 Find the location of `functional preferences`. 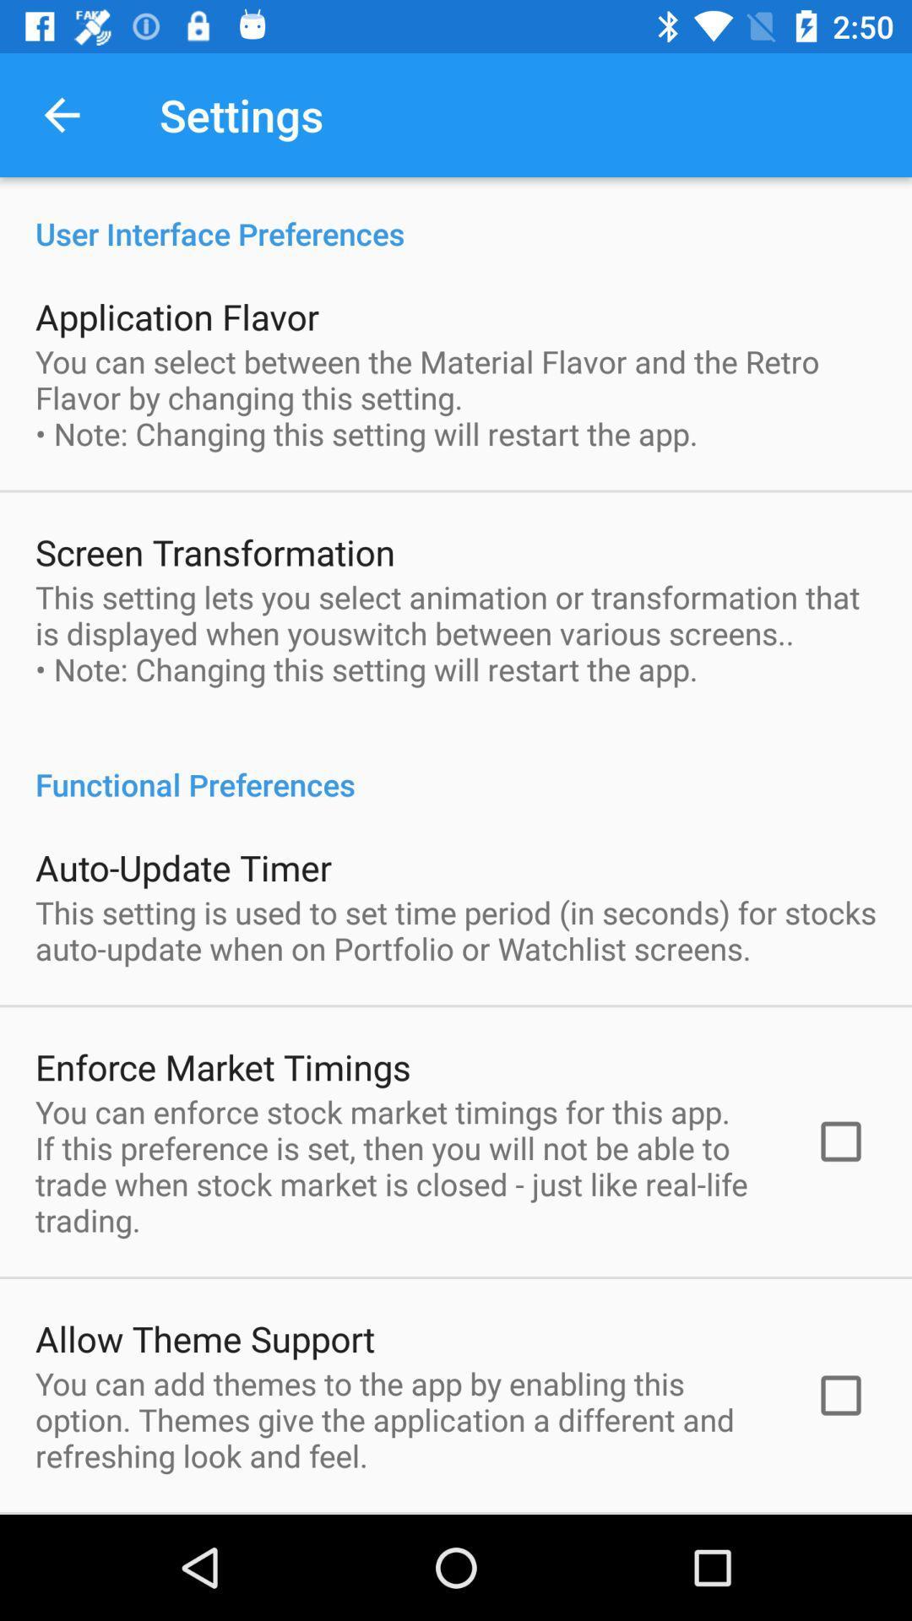

functional preferences is located at coordinates (456, 766).